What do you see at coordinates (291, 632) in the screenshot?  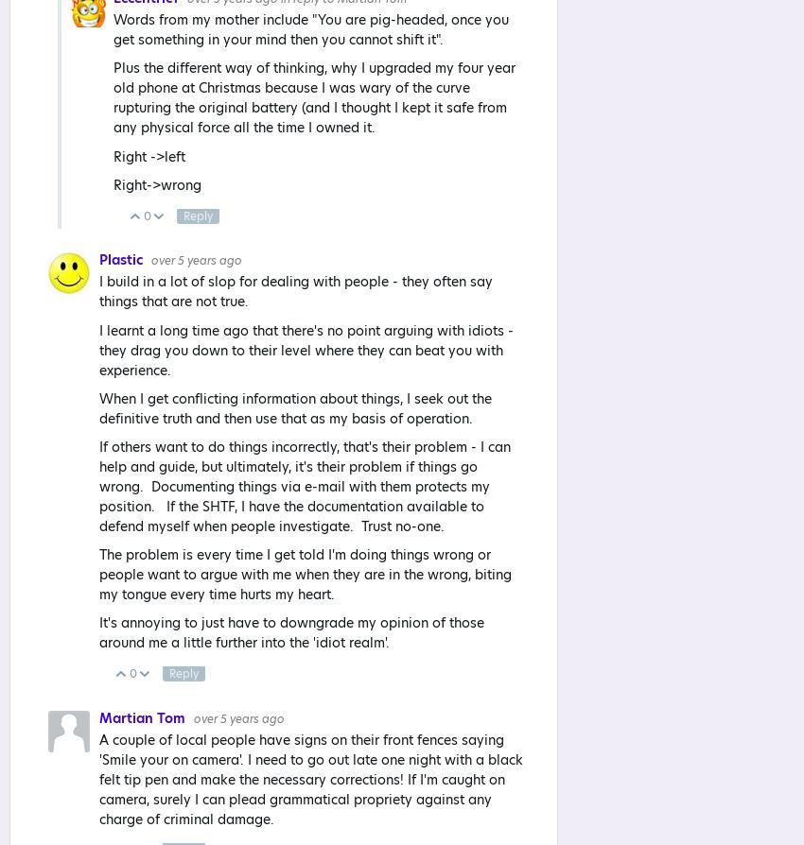 I see `'It's annoying to just have to downgrade my opinion of those around me a little further into the 'idiot realm'.'` at bounding box center [291, 632].